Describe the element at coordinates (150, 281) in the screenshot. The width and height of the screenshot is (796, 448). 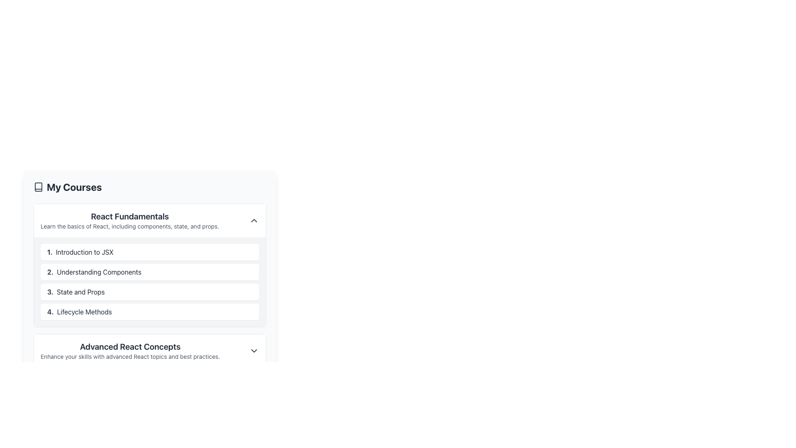
I see `listed topics in the navigational list element within the 'React Fundamentals' section, which presents a structured outline of topics to the user` at that location.